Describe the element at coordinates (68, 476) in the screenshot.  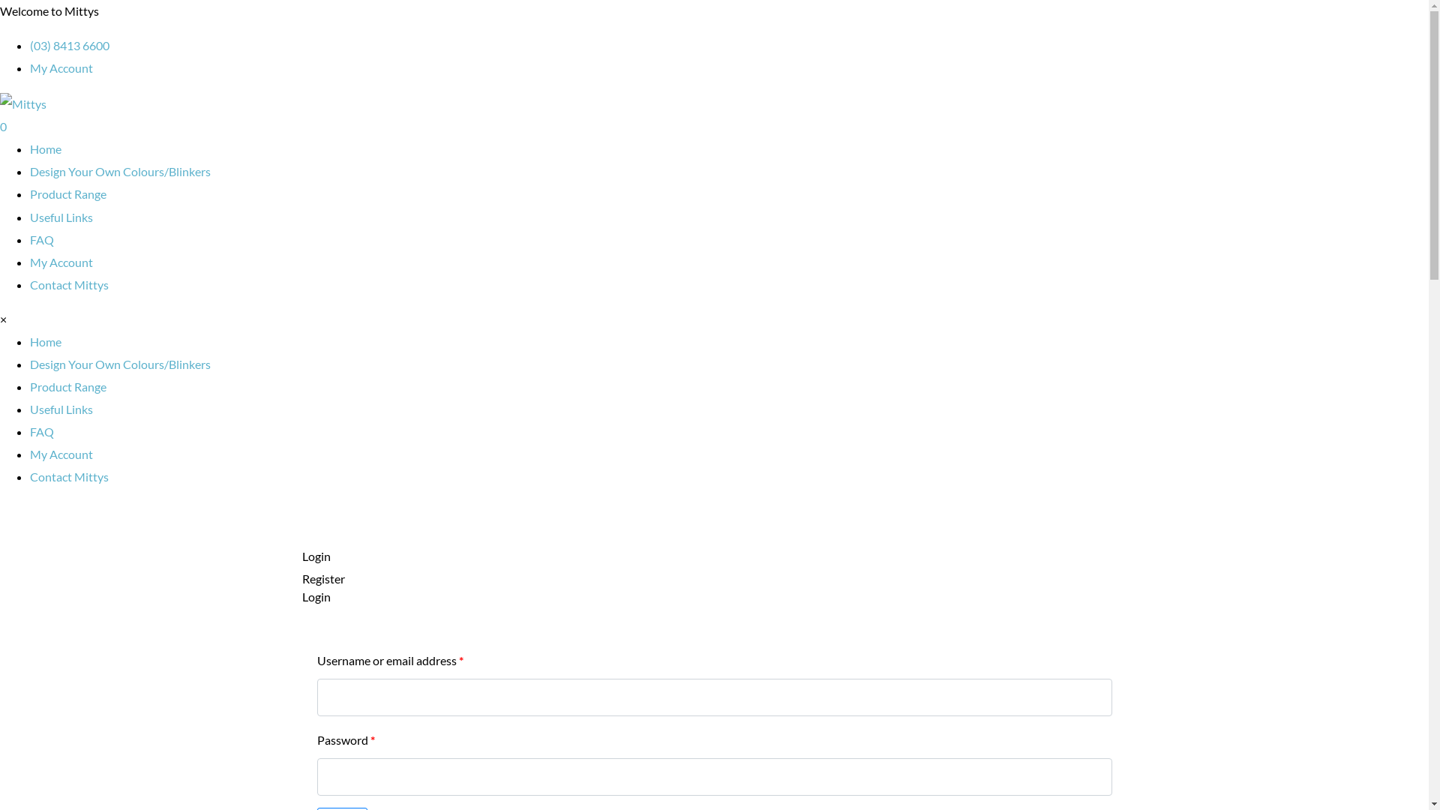
I see `'Contact Mittys'` at that location.